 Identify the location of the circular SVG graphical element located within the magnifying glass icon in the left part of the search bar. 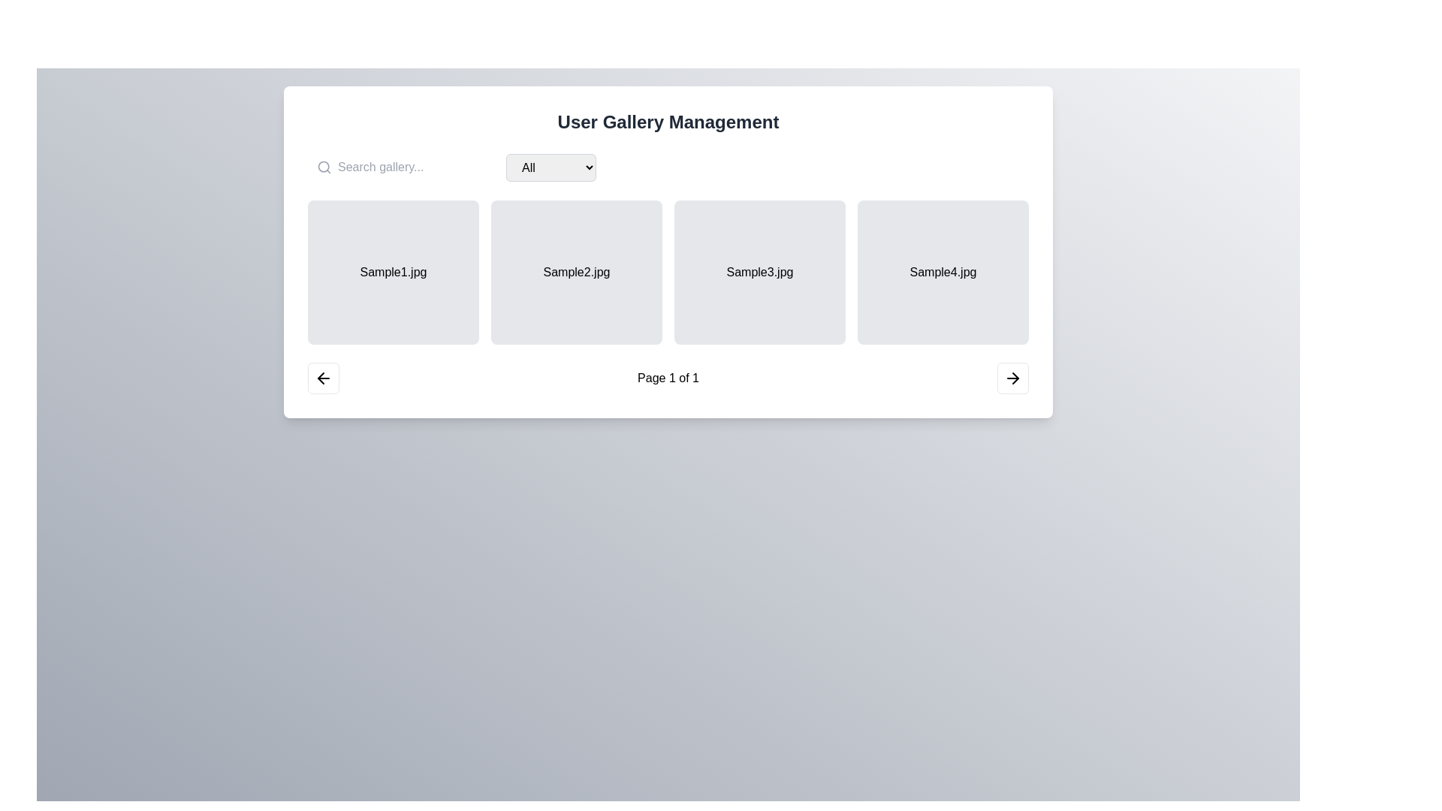
(323, 167).